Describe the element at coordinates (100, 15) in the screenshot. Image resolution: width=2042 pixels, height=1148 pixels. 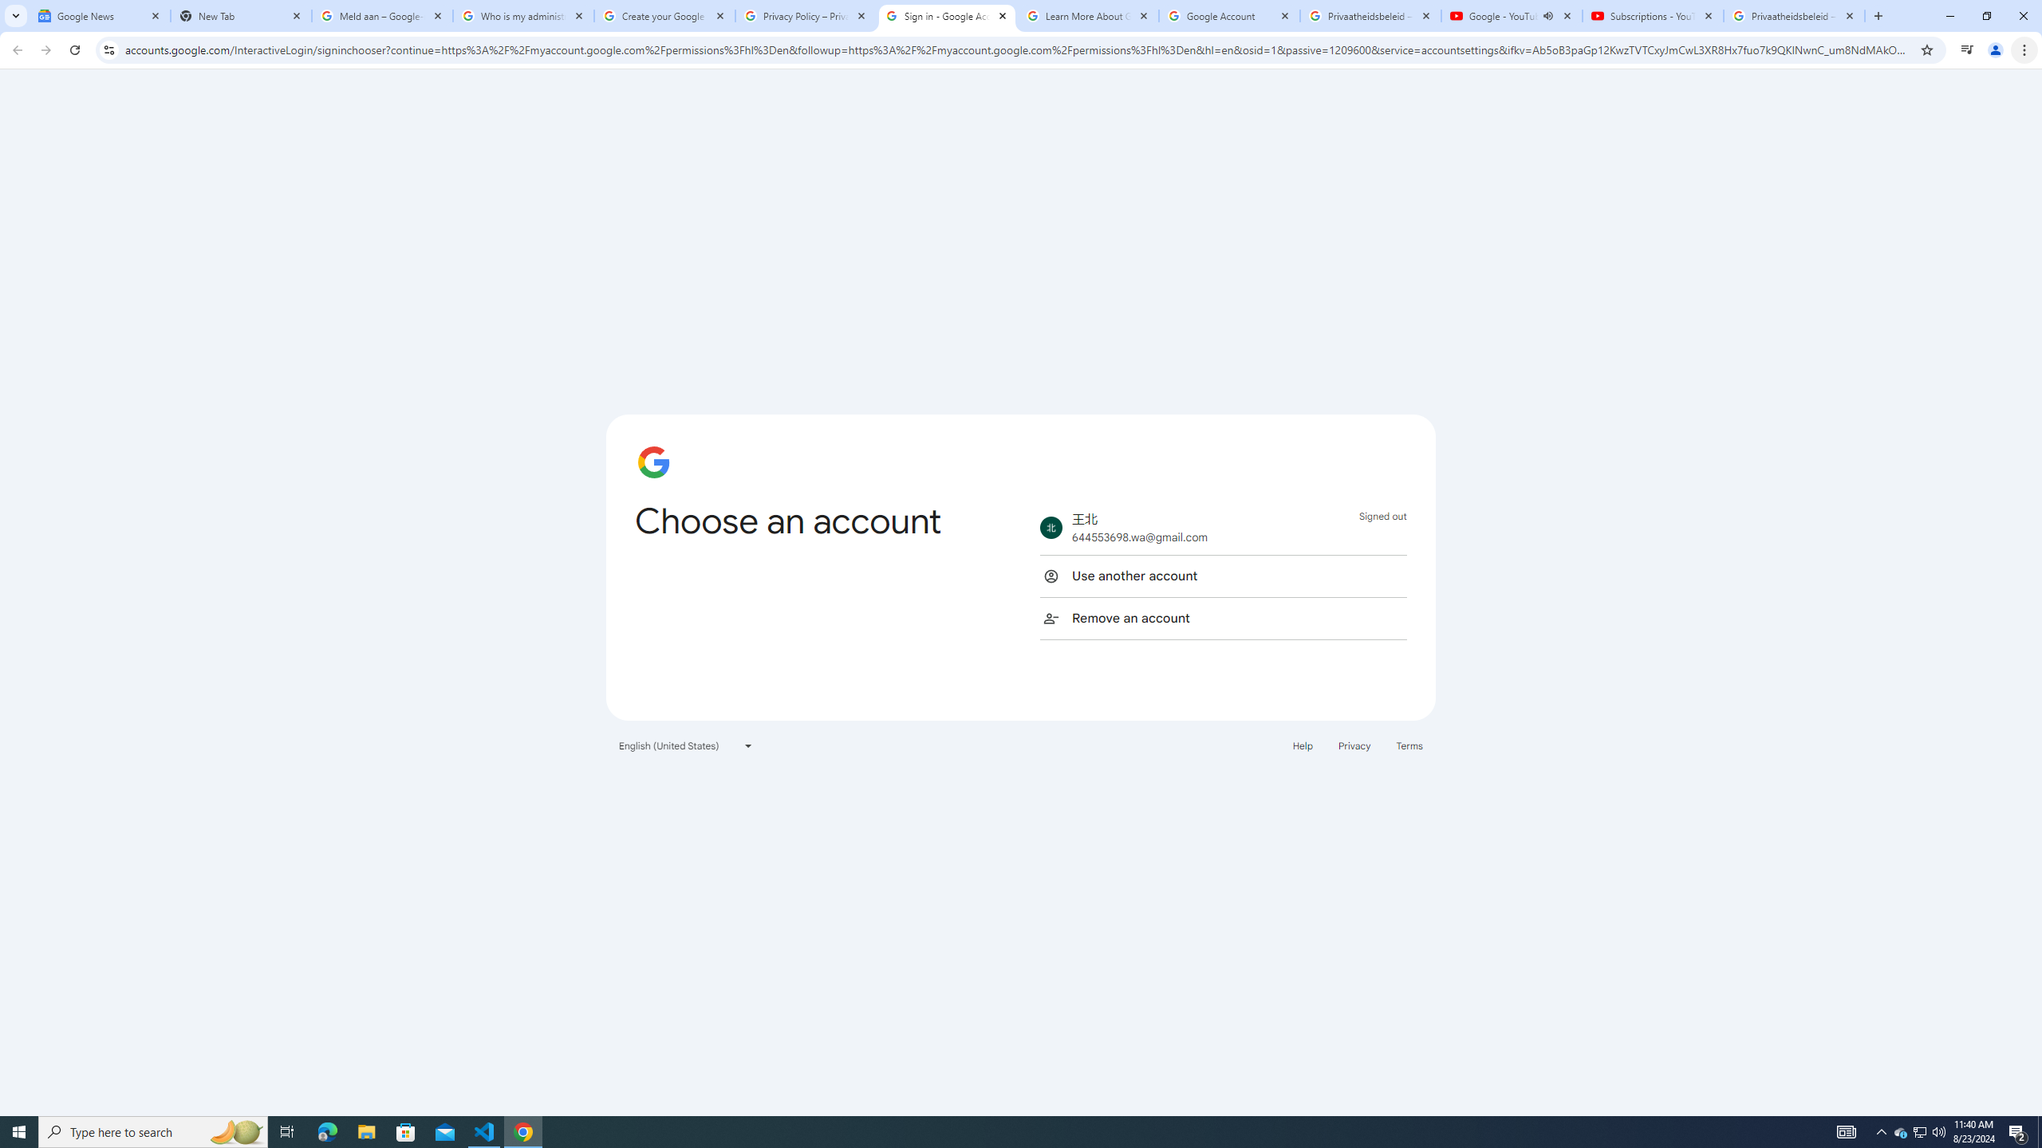
I see `'Google News'` at that location.